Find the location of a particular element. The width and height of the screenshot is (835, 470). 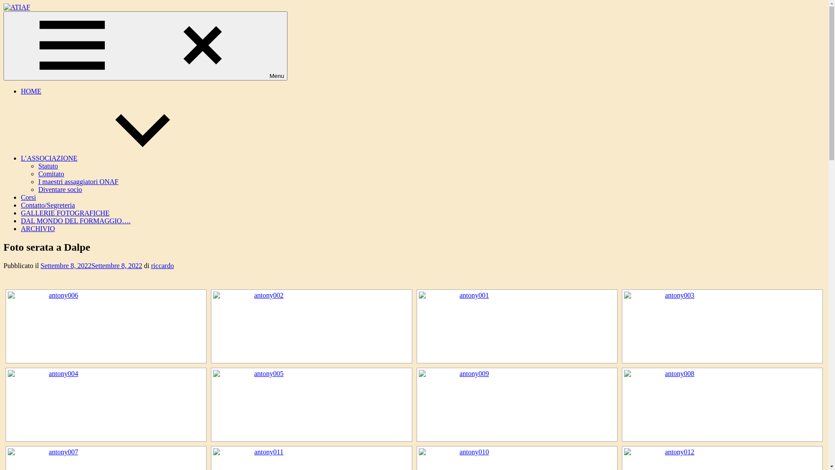

'ATIAF' is located at coordinates (3, 21).